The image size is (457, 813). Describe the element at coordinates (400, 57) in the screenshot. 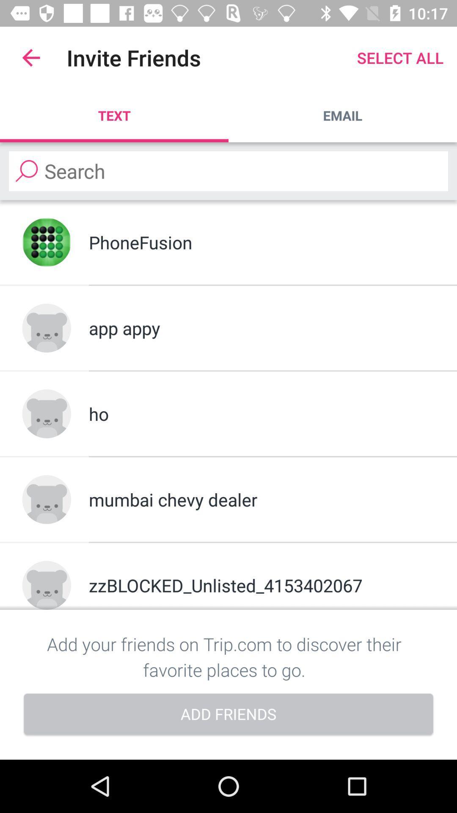

I see `select all item` at that location.